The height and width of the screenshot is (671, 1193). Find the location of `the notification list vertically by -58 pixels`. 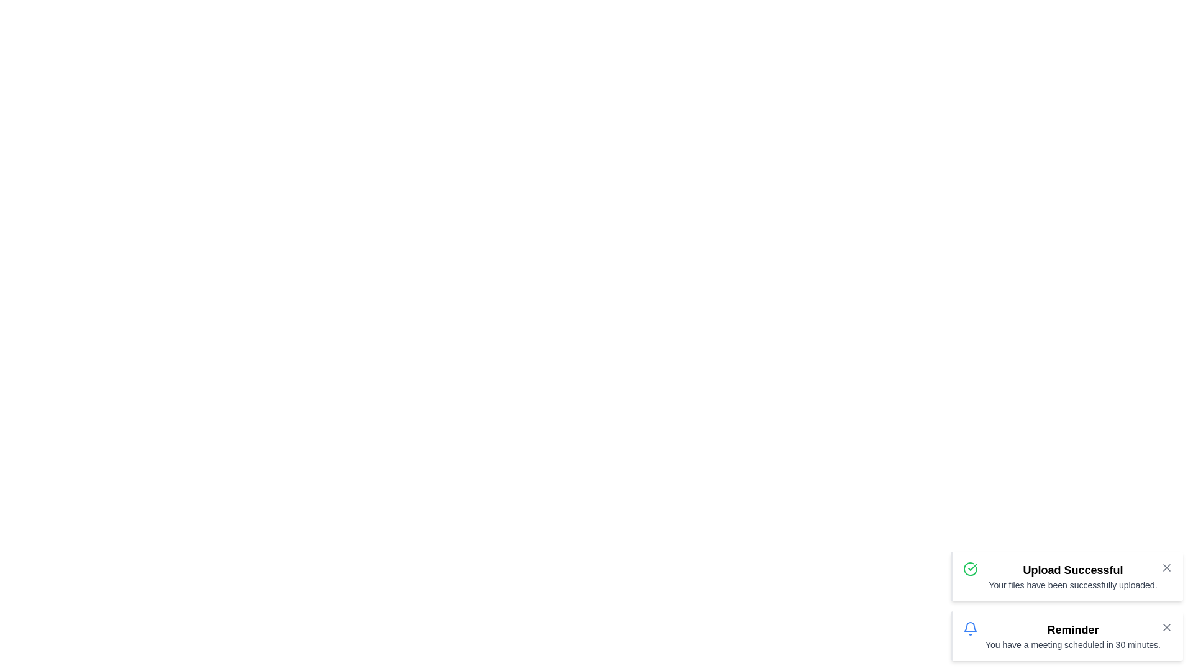

the notification list vertically by -58 pixels is located at coordinates (1066, 605).